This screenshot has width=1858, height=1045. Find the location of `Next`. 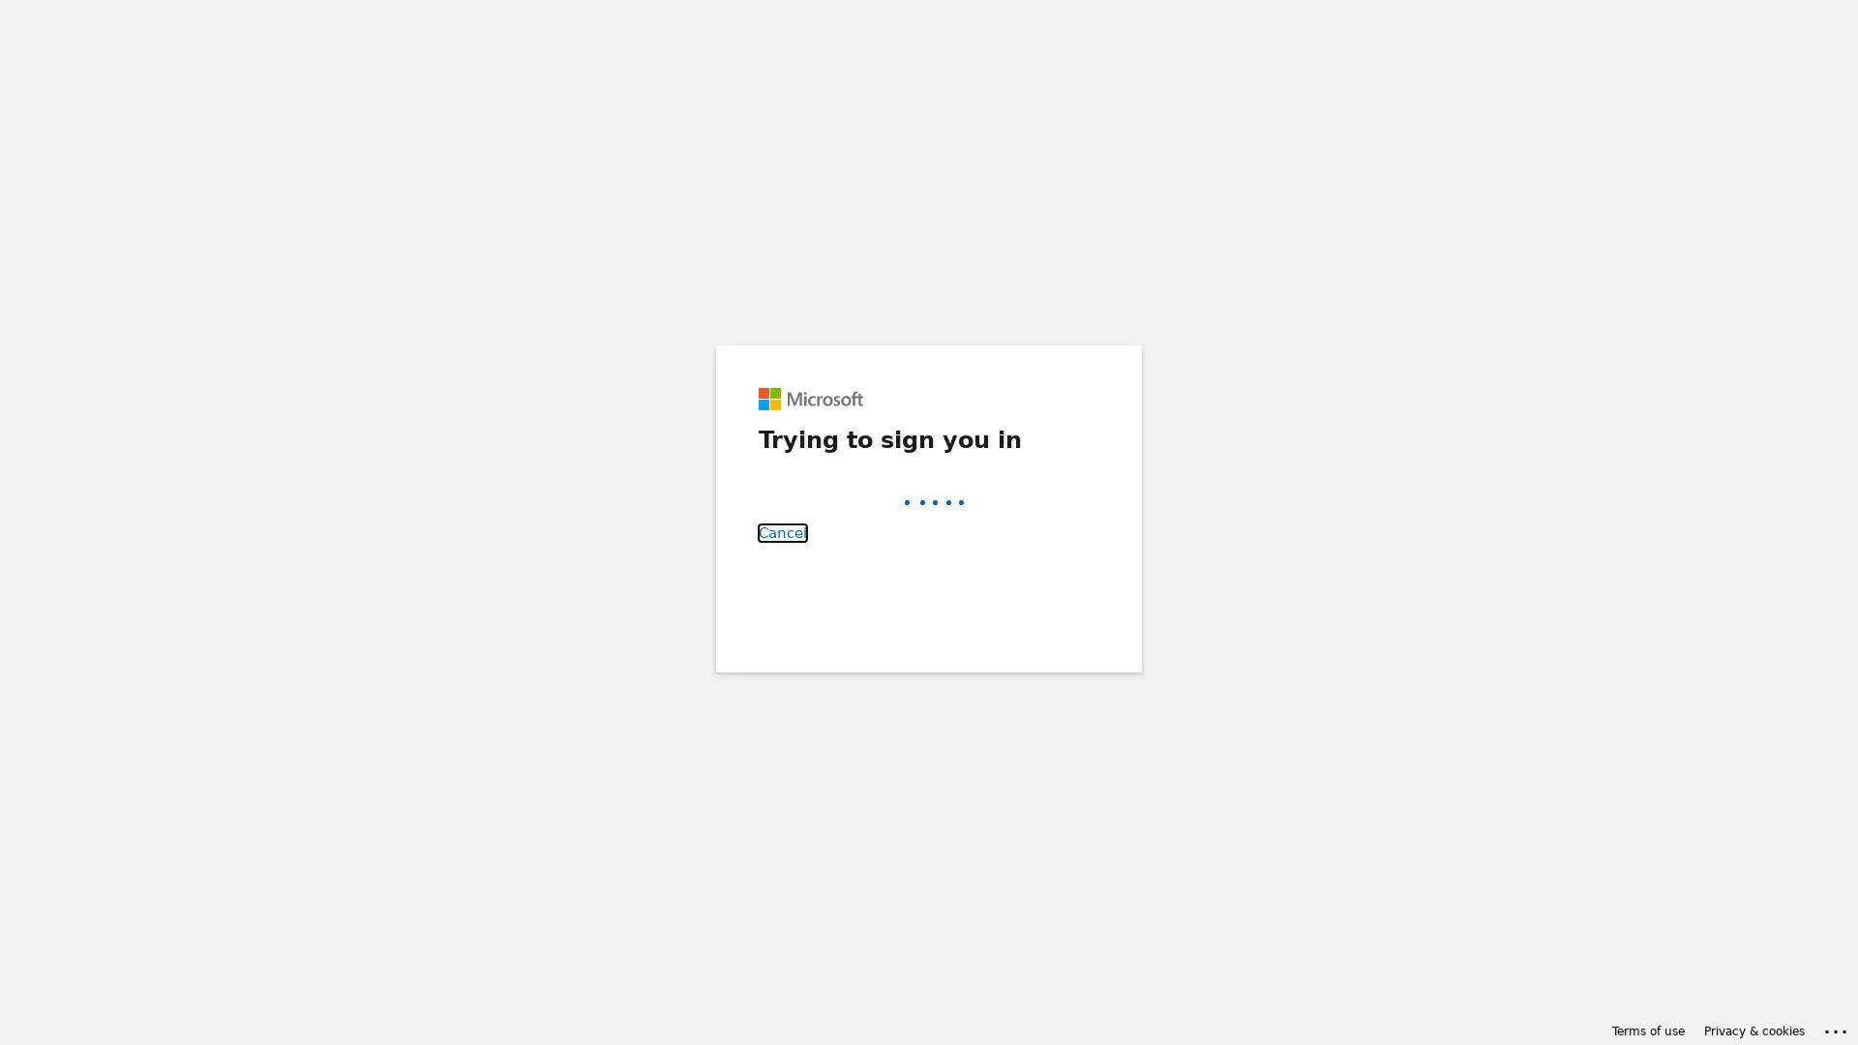

Next is located at coordinates (1045, 577).